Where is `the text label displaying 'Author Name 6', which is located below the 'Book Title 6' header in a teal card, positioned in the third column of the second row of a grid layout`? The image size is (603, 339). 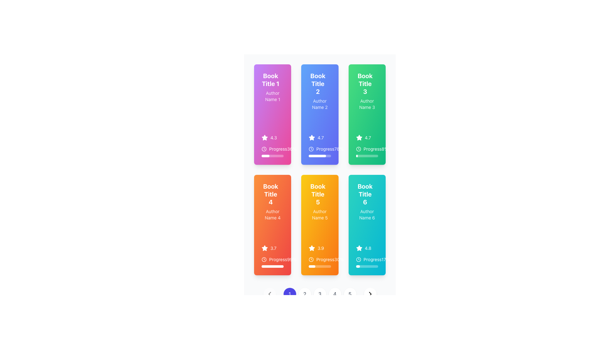
the text label displaying 'Author Name 6', which is located below the 'Book Title 6' header in a teal card, positioned in the third column of the second row of a grid layout is located at coordinates (367, 214).